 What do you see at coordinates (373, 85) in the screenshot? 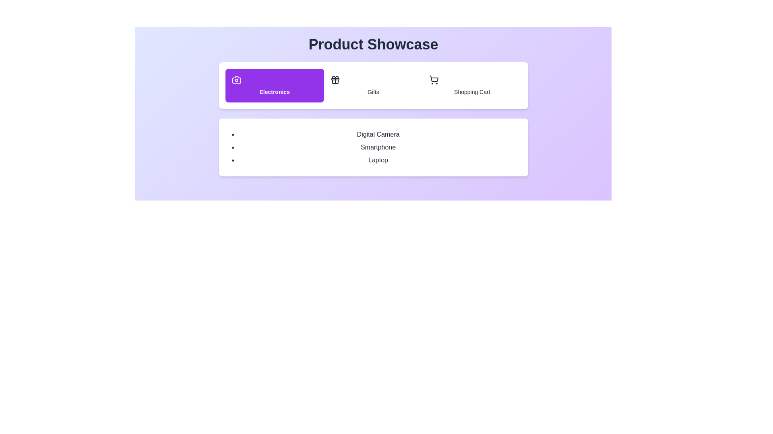
I see `the middle navigation button located between 'Electronics' and 'Shopping Cart'` at bounding box center [373, 85].